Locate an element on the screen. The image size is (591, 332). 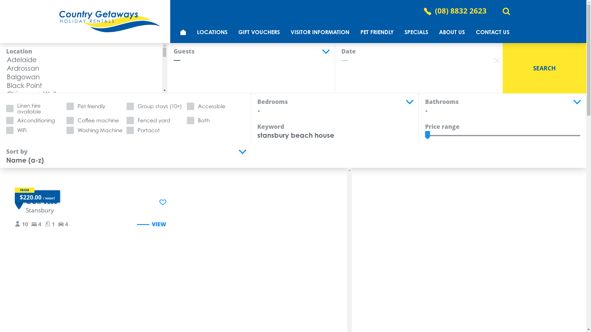
'VIEW is located at coordinates (151, 224).